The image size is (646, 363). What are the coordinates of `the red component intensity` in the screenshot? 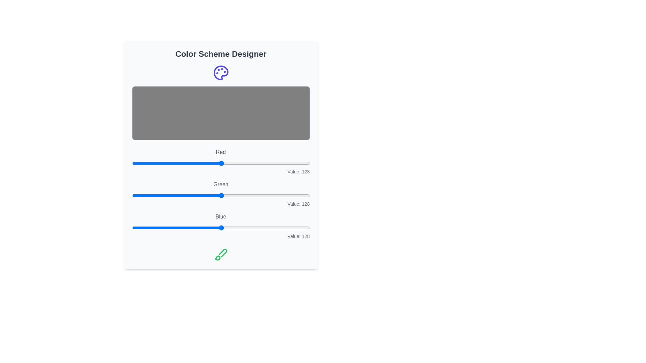 It's located at (133, 163).